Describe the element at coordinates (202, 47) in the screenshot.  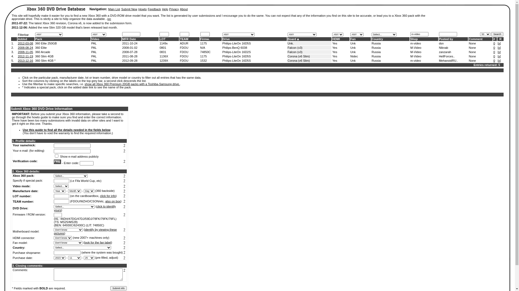
I see `'N/A'` at that location.